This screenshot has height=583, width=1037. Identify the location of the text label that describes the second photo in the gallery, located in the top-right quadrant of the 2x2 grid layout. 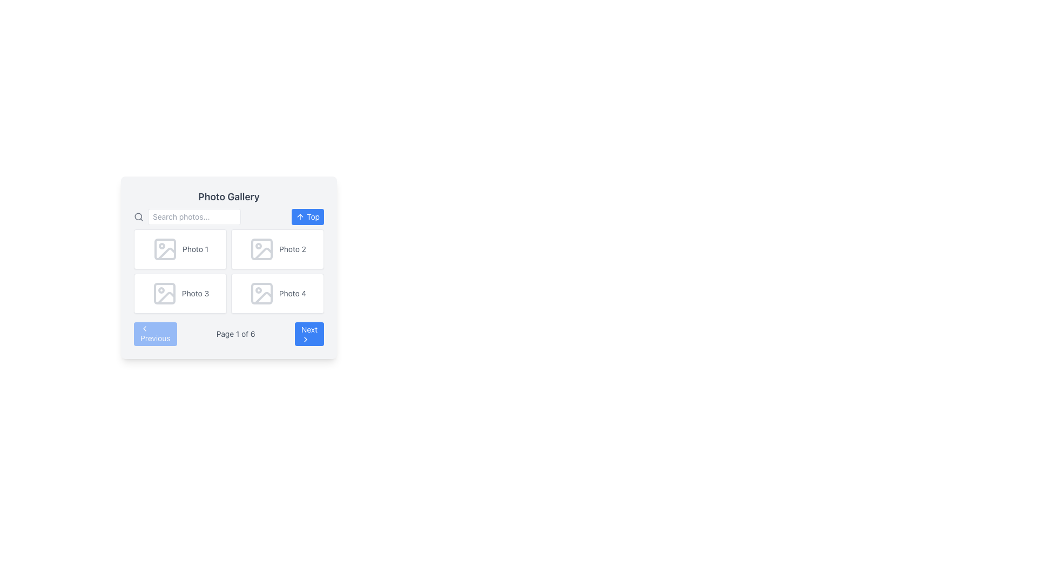
(293, 249).